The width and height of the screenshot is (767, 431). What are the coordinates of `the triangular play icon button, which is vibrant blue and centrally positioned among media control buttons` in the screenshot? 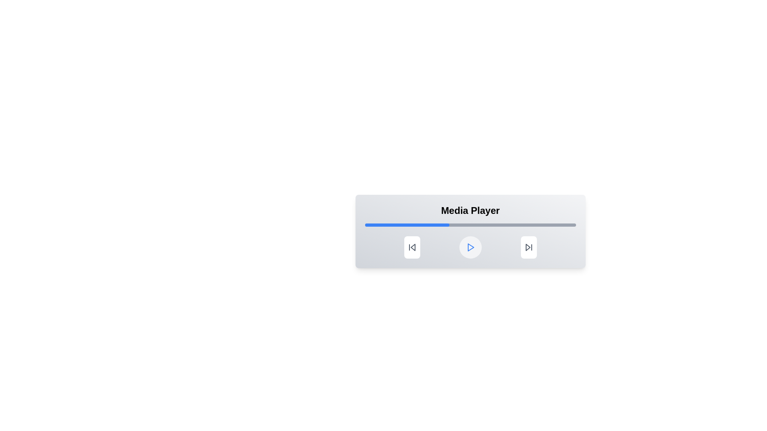 It's located at (470, 247).